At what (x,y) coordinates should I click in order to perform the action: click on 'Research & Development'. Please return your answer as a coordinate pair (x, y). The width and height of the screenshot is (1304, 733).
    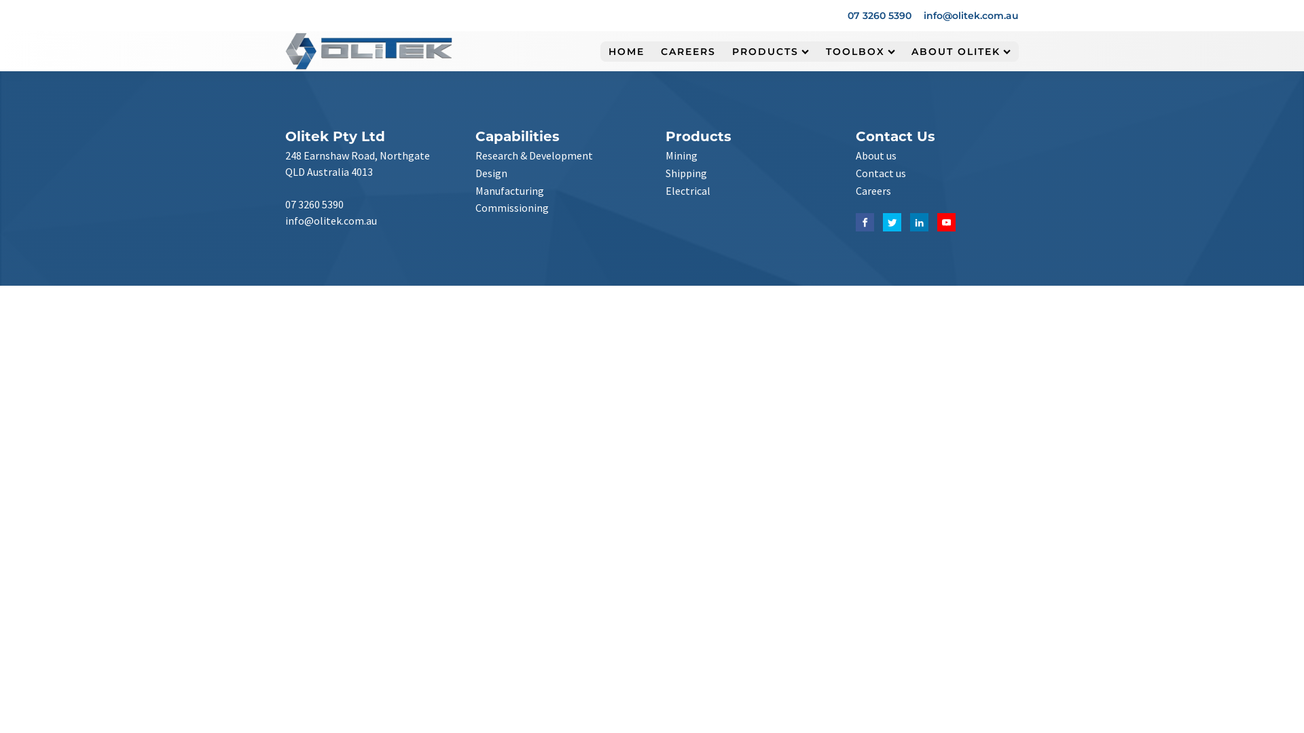
    Looking at the image, I should click on (533, 155).